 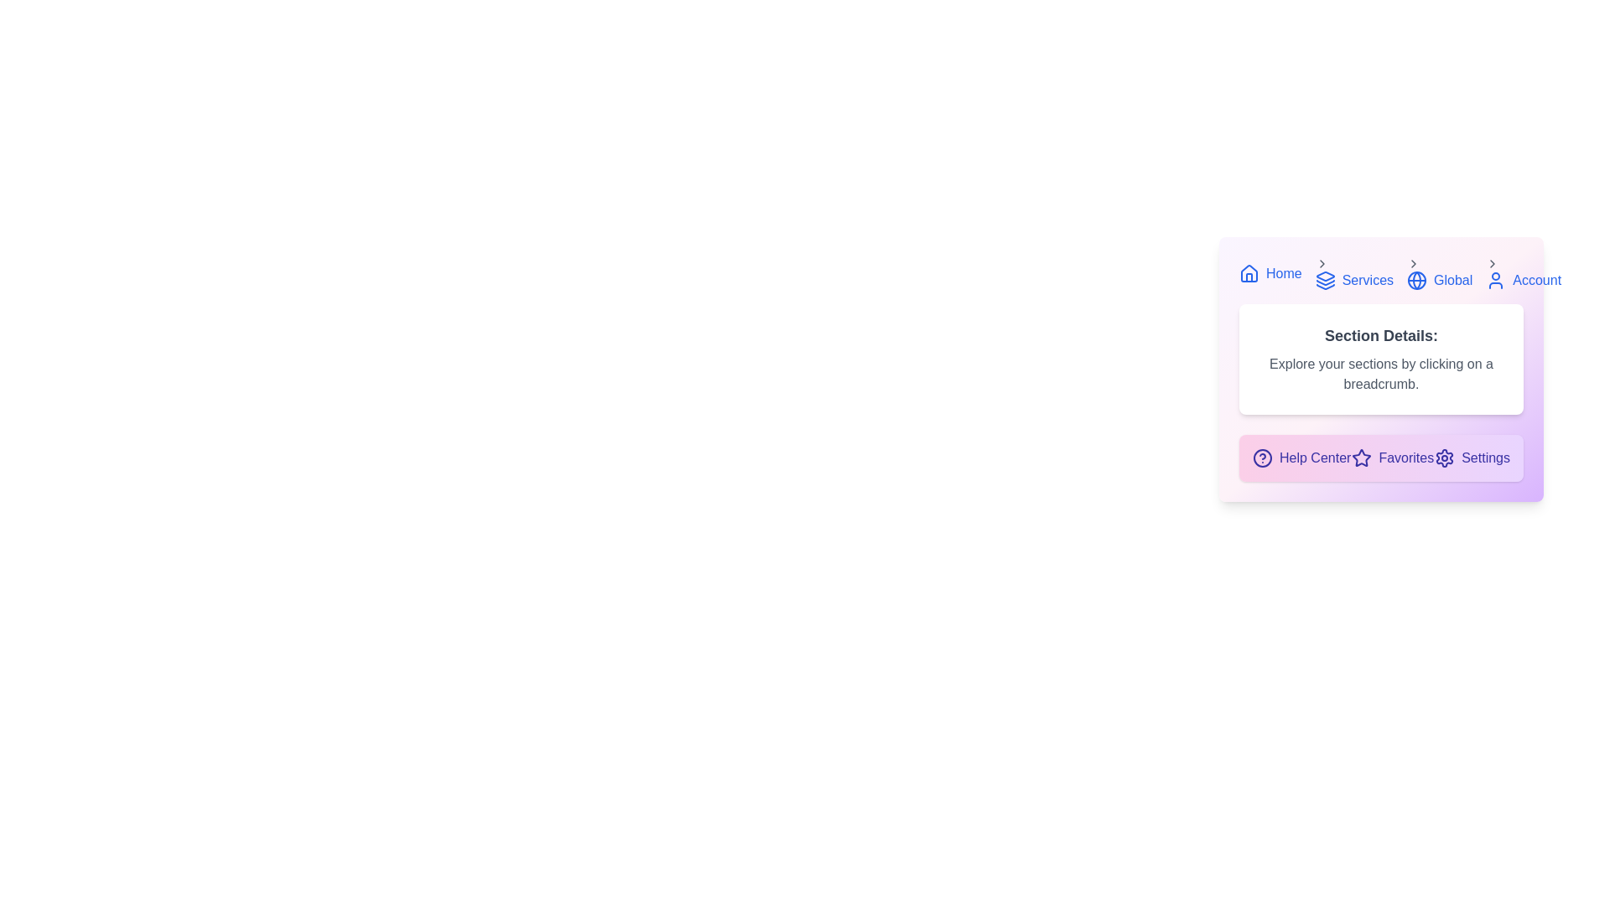 What do you see at coordinates (1283, 273) in the screenshot?
I see `the 'Home' text label in the breadcrumb navigation bar, which indicates the homepage of the interface` at bounding box center [1283, 273].